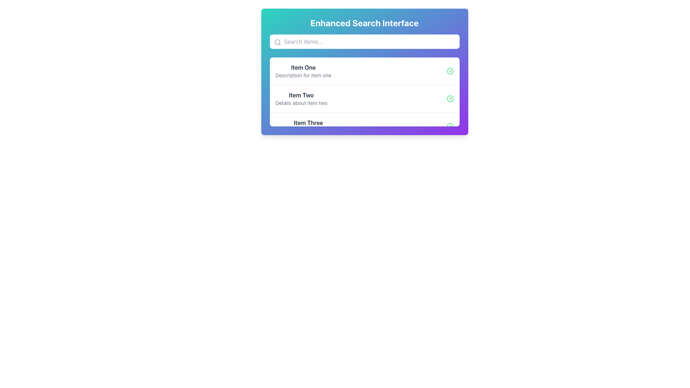 Image resolution: width=690 pixels, height=388 pixels. What do you see at coordinates (450, 126) in the screenshot?
I see `the green circular checkmark icon located at the far-right side of 'Item Three' in the colorful list interface` at bounding box center [450, 126].